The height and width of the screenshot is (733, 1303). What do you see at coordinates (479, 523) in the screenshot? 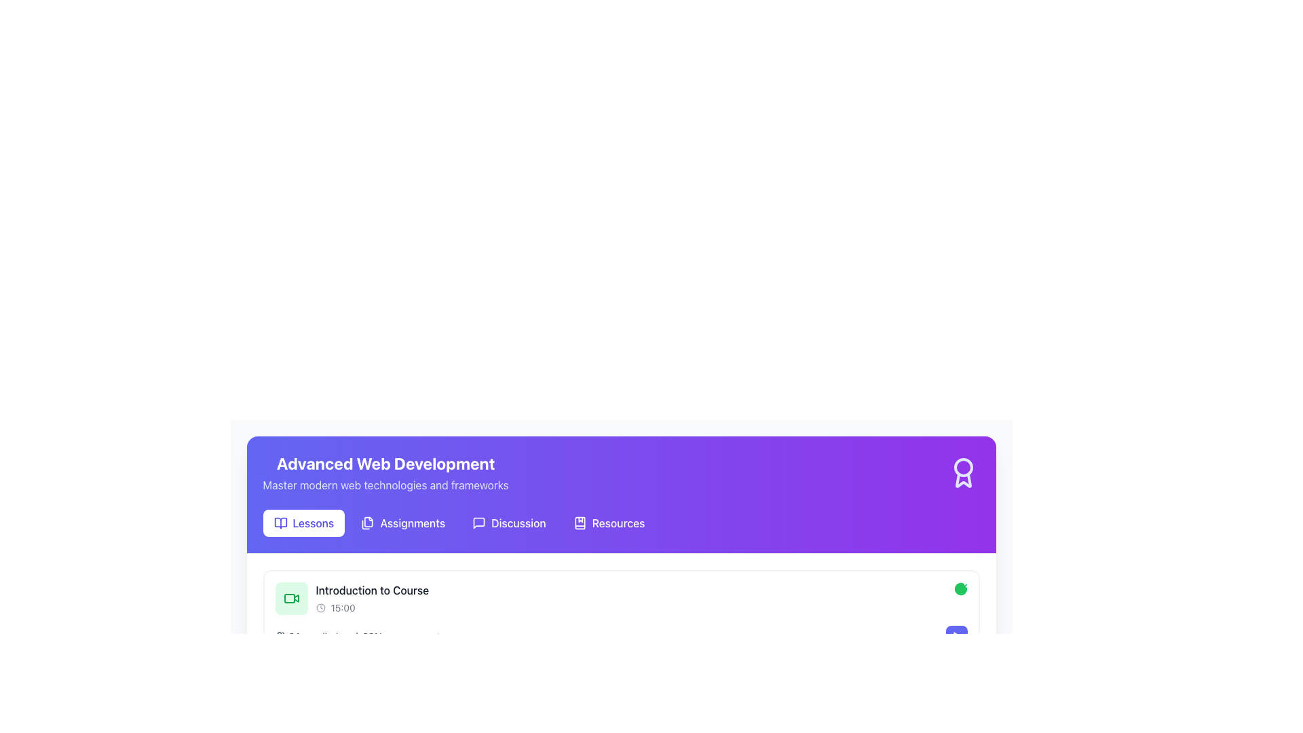
I see `the small square icon resembling a message bubble, which is part of the navigation bar associated with the 'Discussion' label` at bounding box center [479, 523].